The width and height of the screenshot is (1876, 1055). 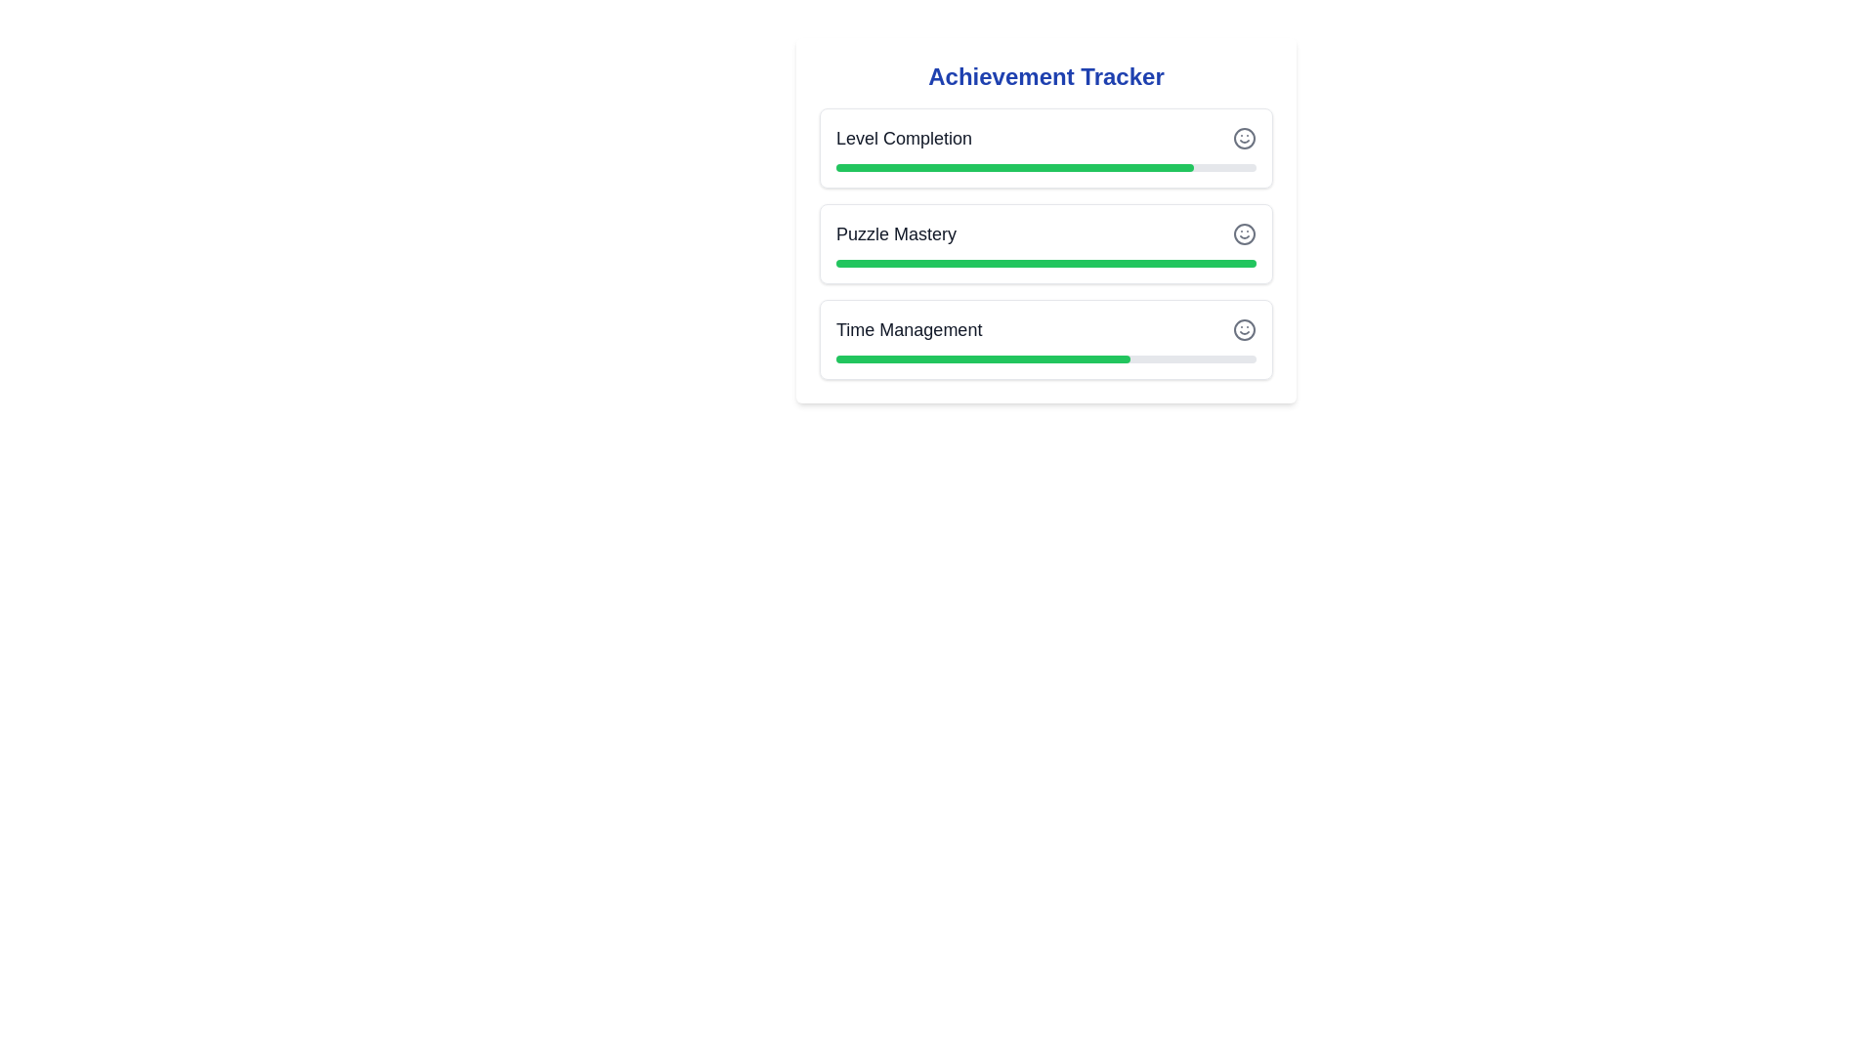 I want to click on the progress bar located below the title 'Puzzle Mastery', which is the second progress bar in a vertical arrangement of three, characterized by its green fill and rounded corners, so click(x=1045, y=264).